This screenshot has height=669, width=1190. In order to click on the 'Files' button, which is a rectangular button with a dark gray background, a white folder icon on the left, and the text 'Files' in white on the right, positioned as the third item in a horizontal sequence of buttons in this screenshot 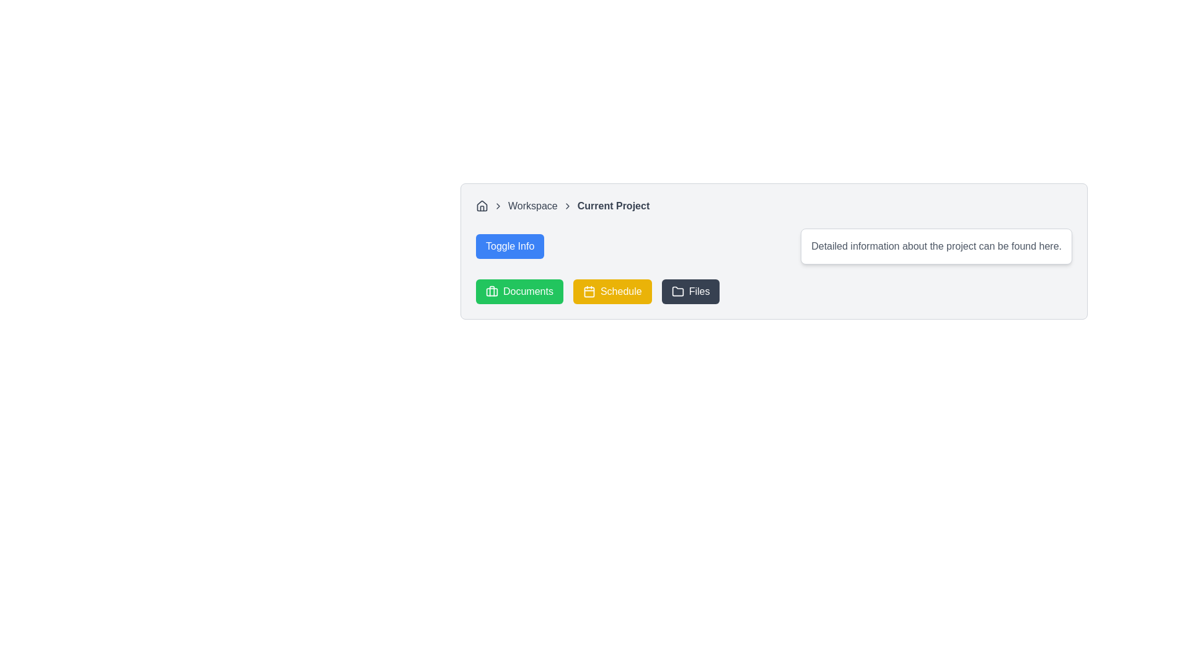, I will do `click(690, 291)`.